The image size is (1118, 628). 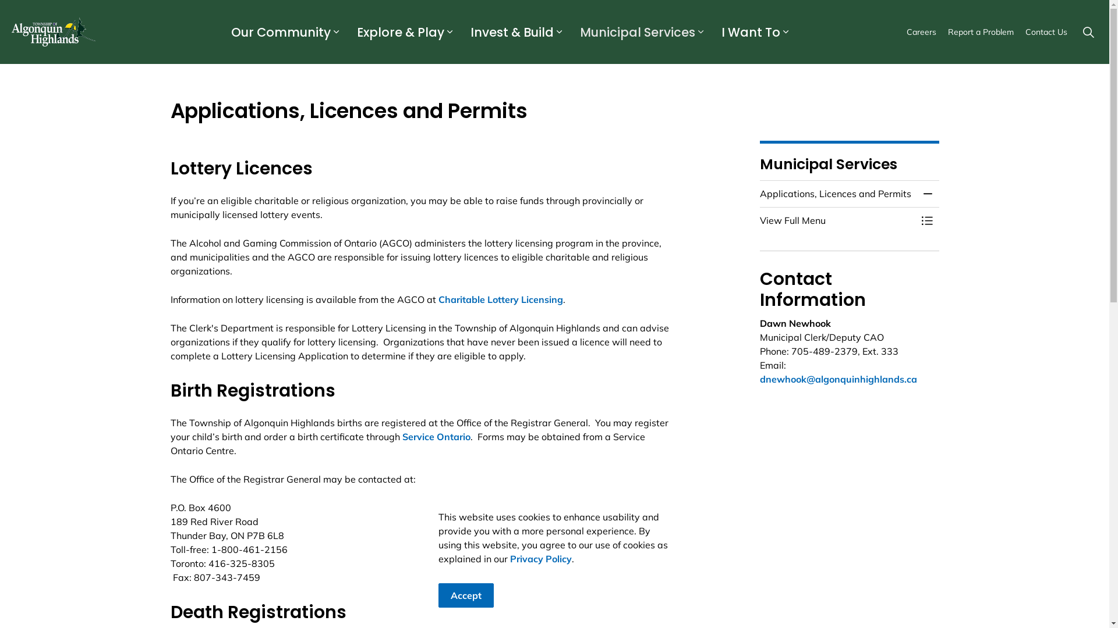 What do you see at coordinates (279, 31) in the screenshot?
I see `'Our Community'` at bounding box center [279, 31].